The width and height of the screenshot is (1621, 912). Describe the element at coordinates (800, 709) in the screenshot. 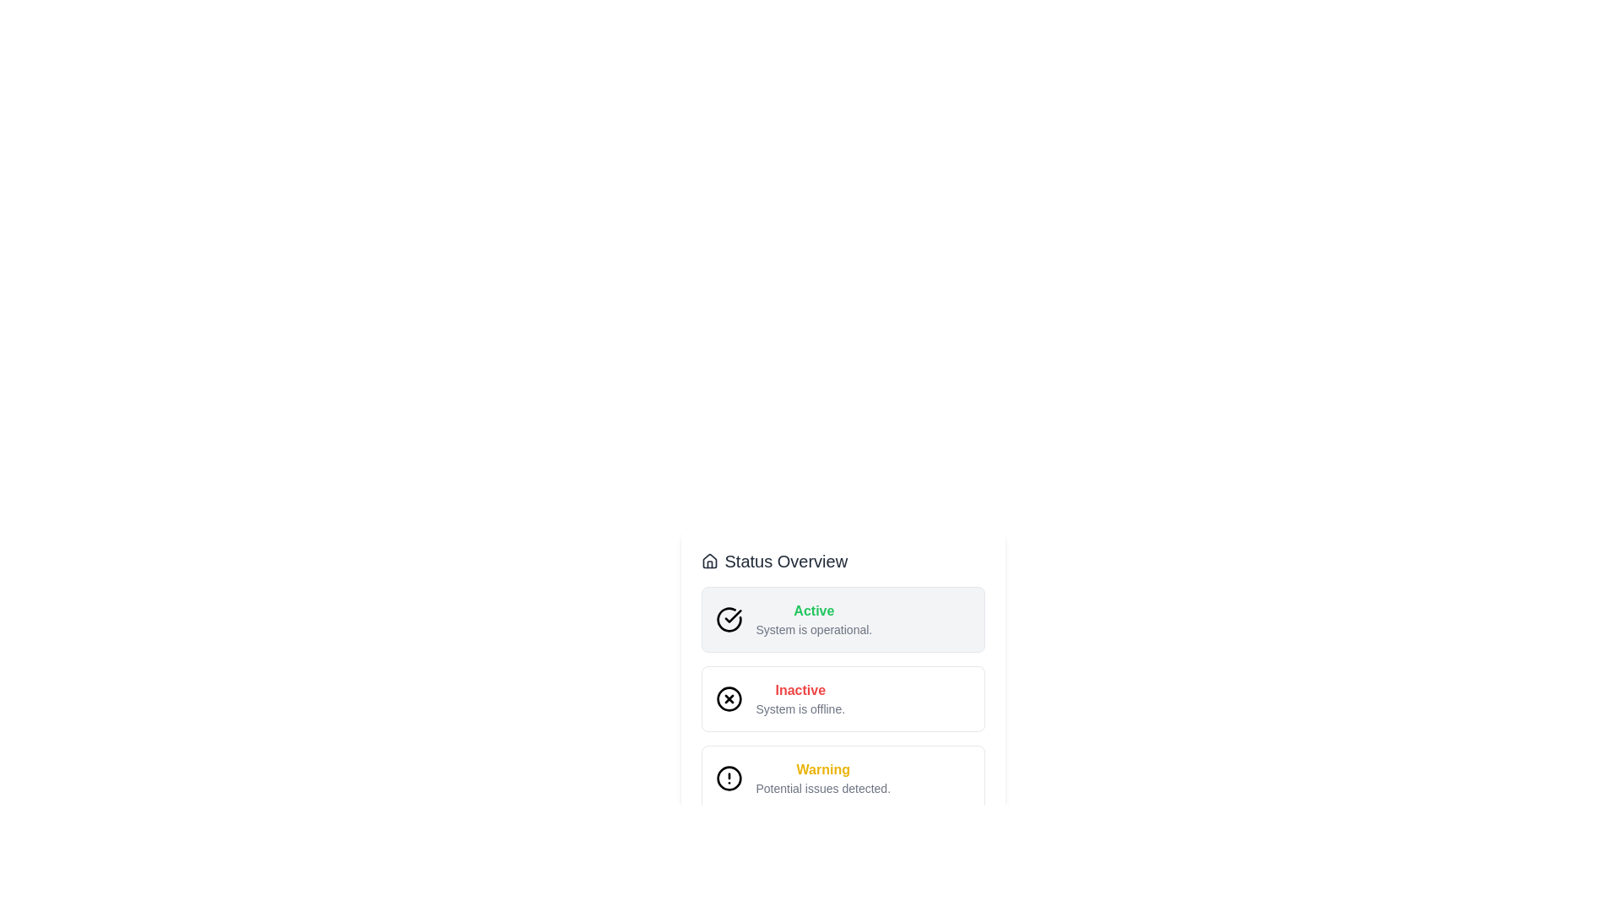

I see `the grey text label that states 'System is offline.' located beneath the red 'Inactive' label in the 'Status Overview' panel` at that location.